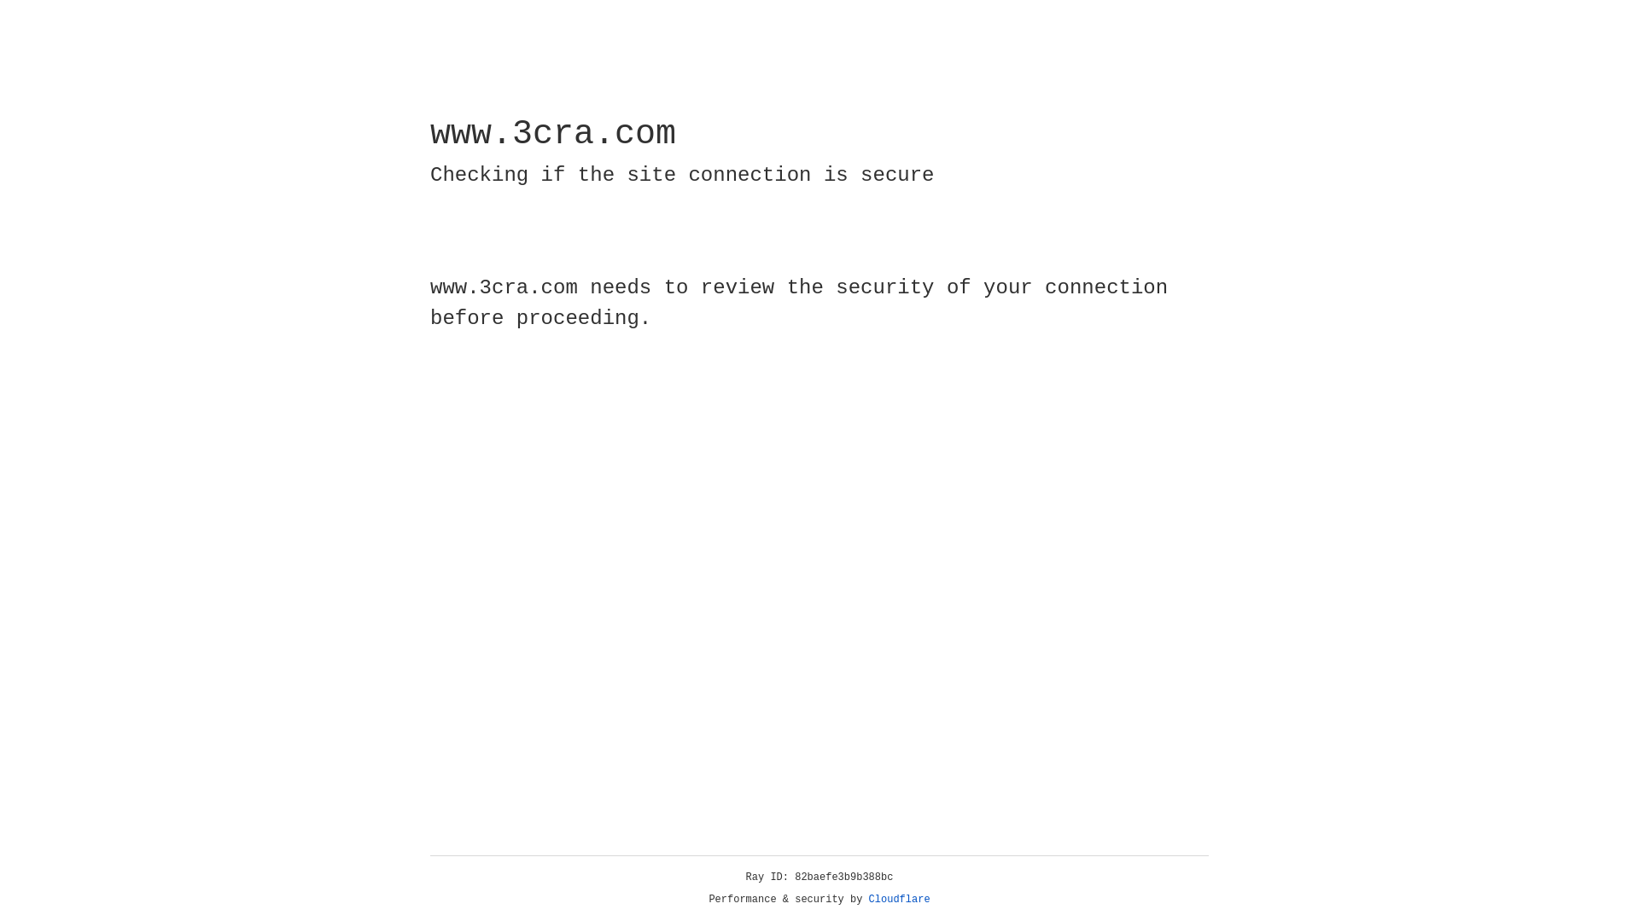  I want to click on 'Cloudflare', so click(868, 899).